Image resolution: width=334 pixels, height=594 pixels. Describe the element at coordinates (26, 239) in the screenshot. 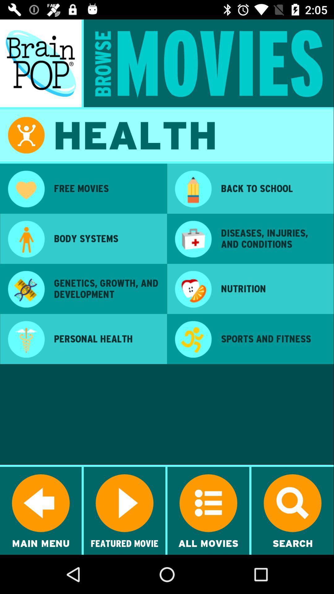

I see `the icon next to body systems app` at that location.